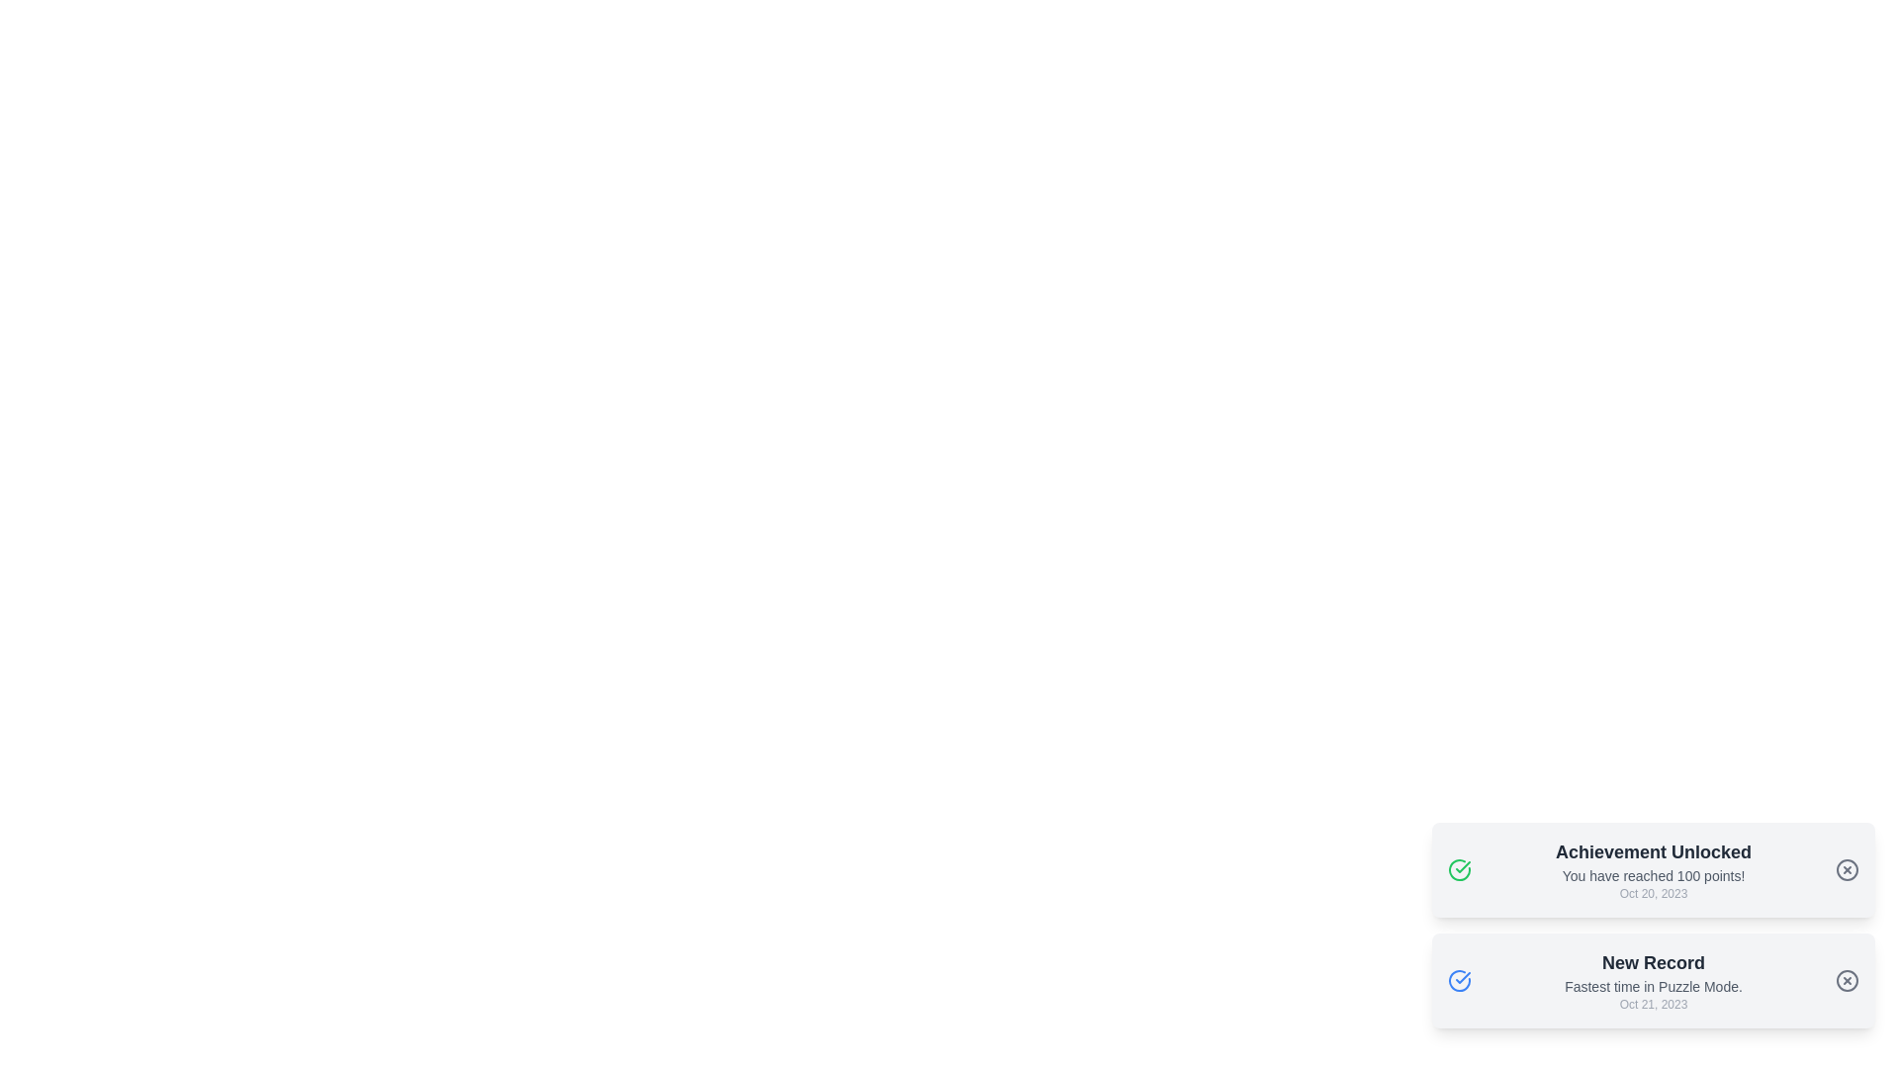  What do you see at coordinates (1653, 893) in the screenshot?
I see `the non-interactive text label that displays the date 'Oct 20, 2023' below the 'Achievement Unlocked' box` at bounding box center [1653, 893].